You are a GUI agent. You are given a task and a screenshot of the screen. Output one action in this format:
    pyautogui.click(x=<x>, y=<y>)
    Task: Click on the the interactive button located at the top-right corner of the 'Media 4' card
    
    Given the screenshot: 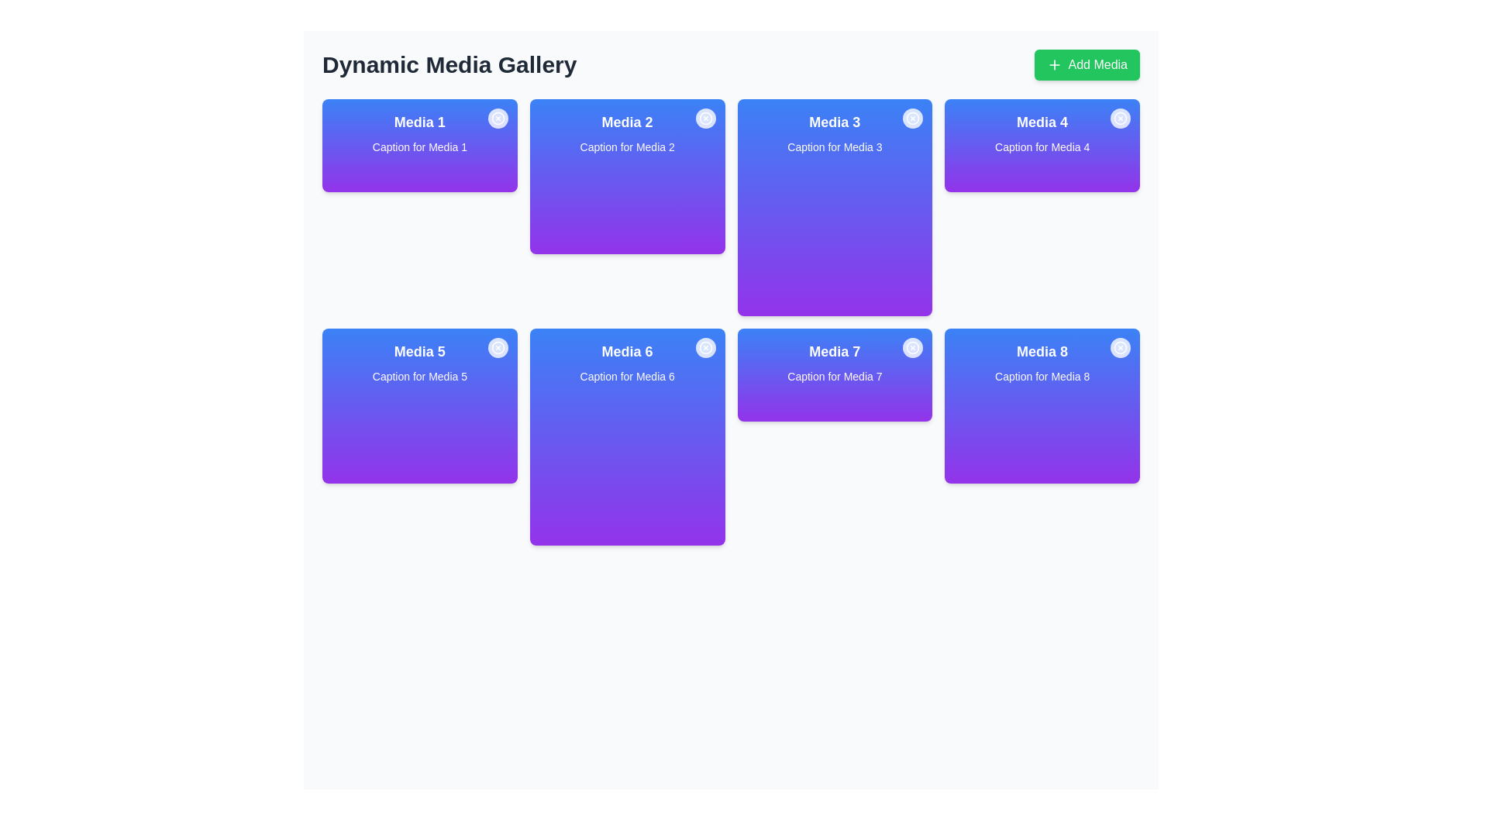 What is the action you would take?
    pyautogui.click(x=1120, y=118)
    